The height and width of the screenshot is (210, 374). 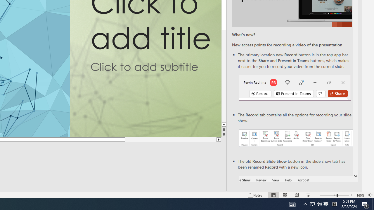 What do you see at coordinates (154, 79) in the screenshot?
I see `'Subtitle TextBox'` at bounding box center [154, 79].